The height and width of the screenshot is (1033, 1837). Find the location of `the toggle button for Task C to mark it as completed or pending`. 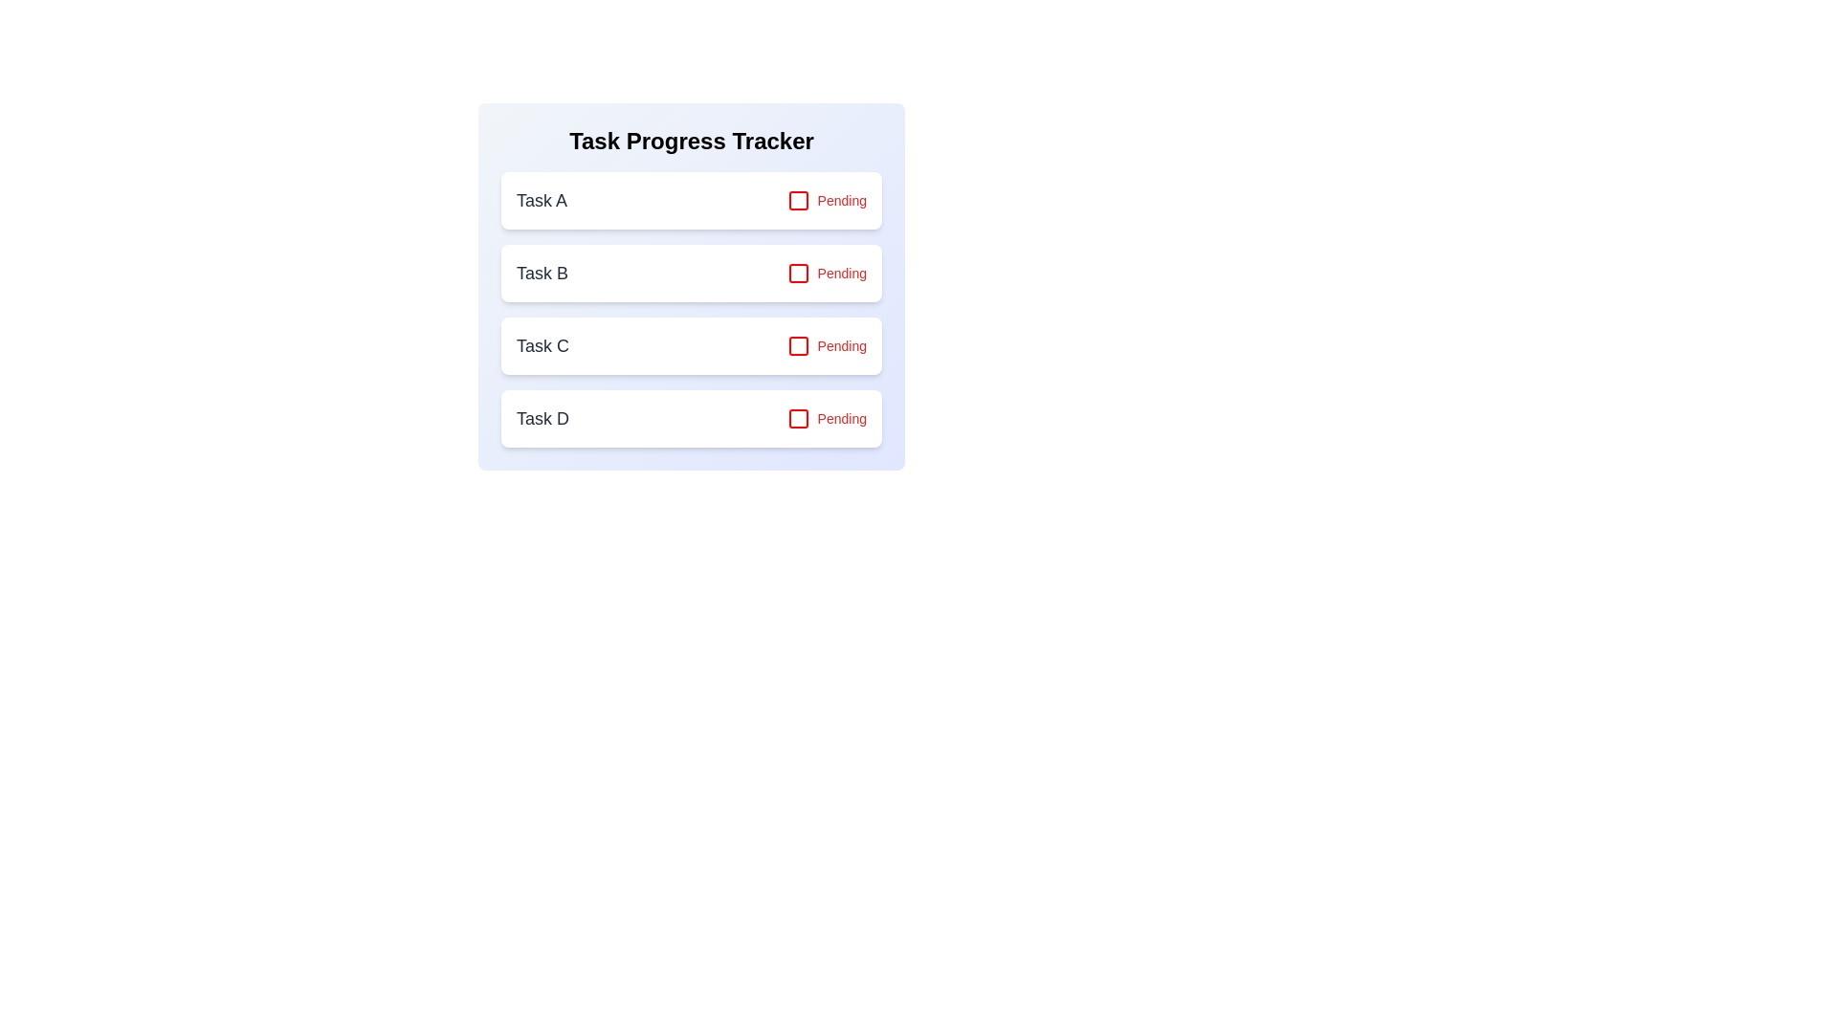

the toggle button for Task C to mark it as completed or pending is located at coordinates (827, 346).